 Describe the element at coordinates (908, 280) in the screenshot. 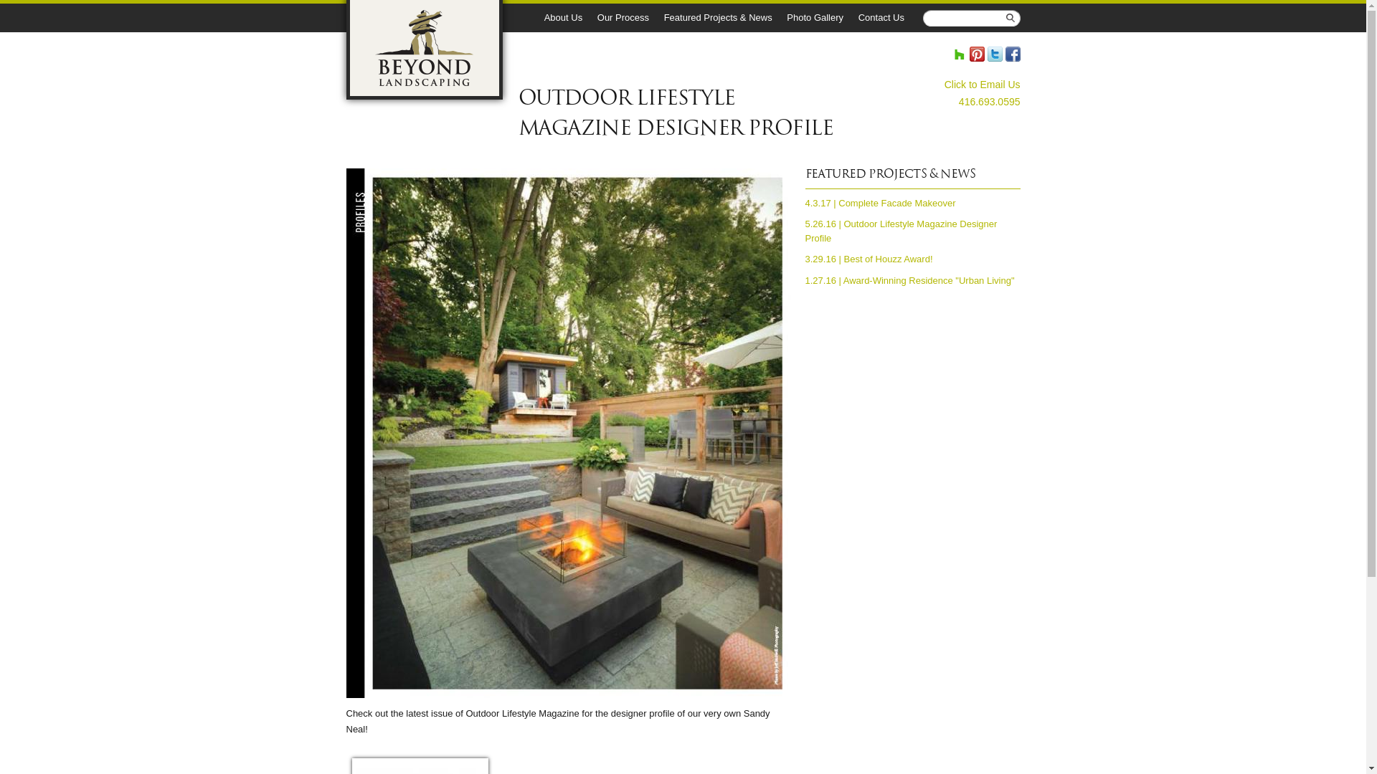

I see `'1.27.16 | Award-Winning Residence "Urban Living"'` at that location.